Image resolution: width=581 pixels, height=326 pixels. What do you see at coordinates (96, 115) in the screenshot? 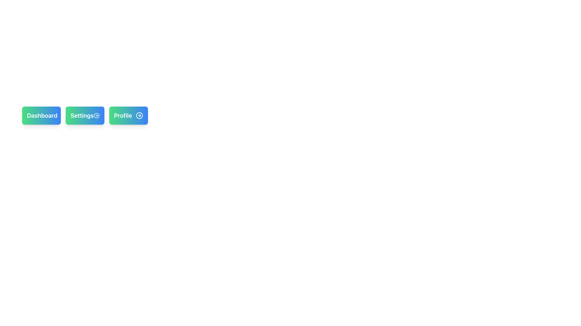
I see `the icon located to the right of the 'Settings' text` at bounding box center [96, 115].